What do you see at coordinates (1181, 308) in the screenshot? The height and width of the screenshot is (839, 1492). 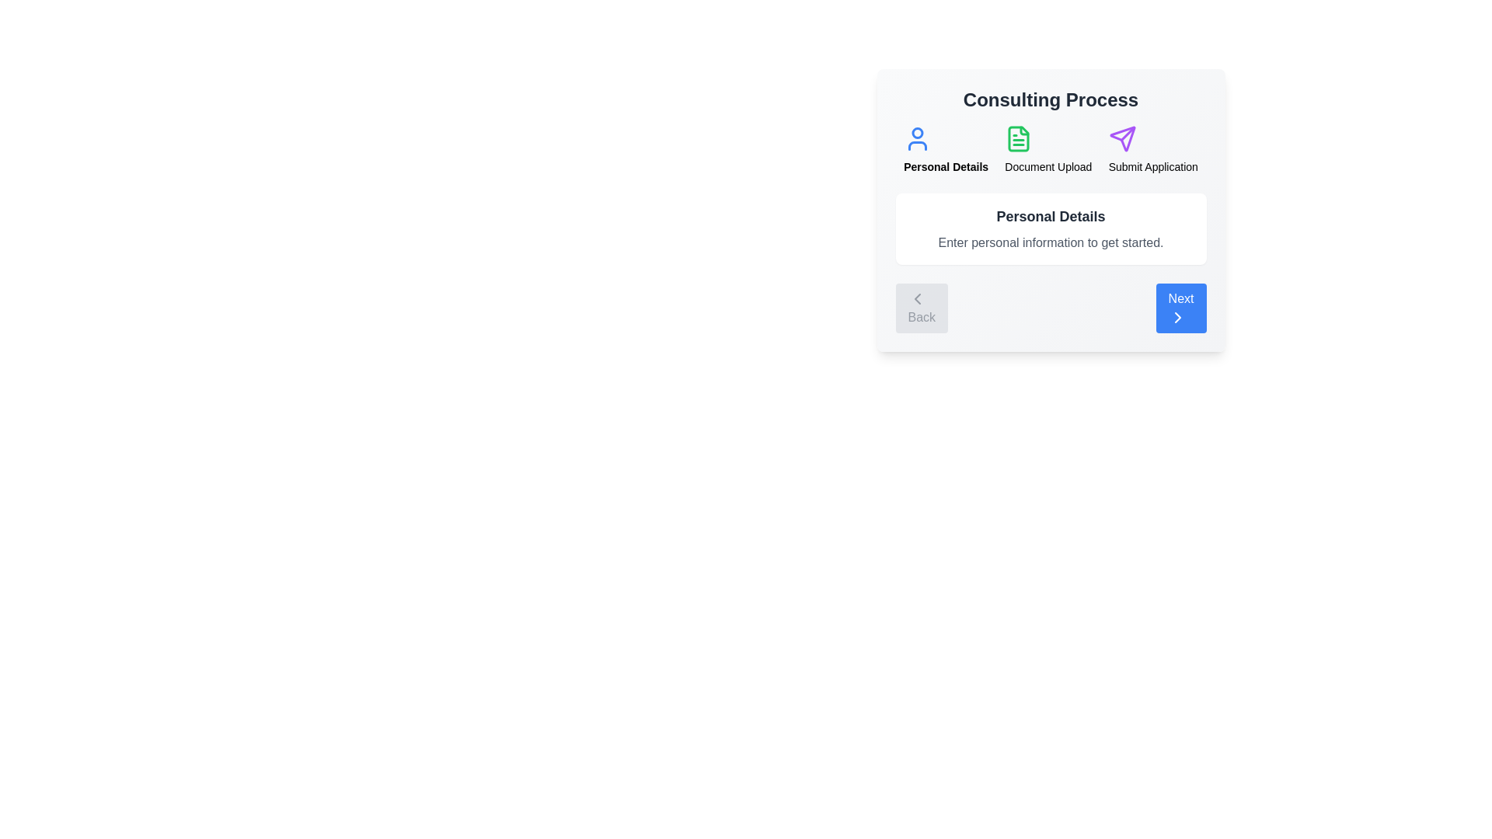 I see `the 'Next' button to proceed to the next step` at bounding box center [1181, 308].